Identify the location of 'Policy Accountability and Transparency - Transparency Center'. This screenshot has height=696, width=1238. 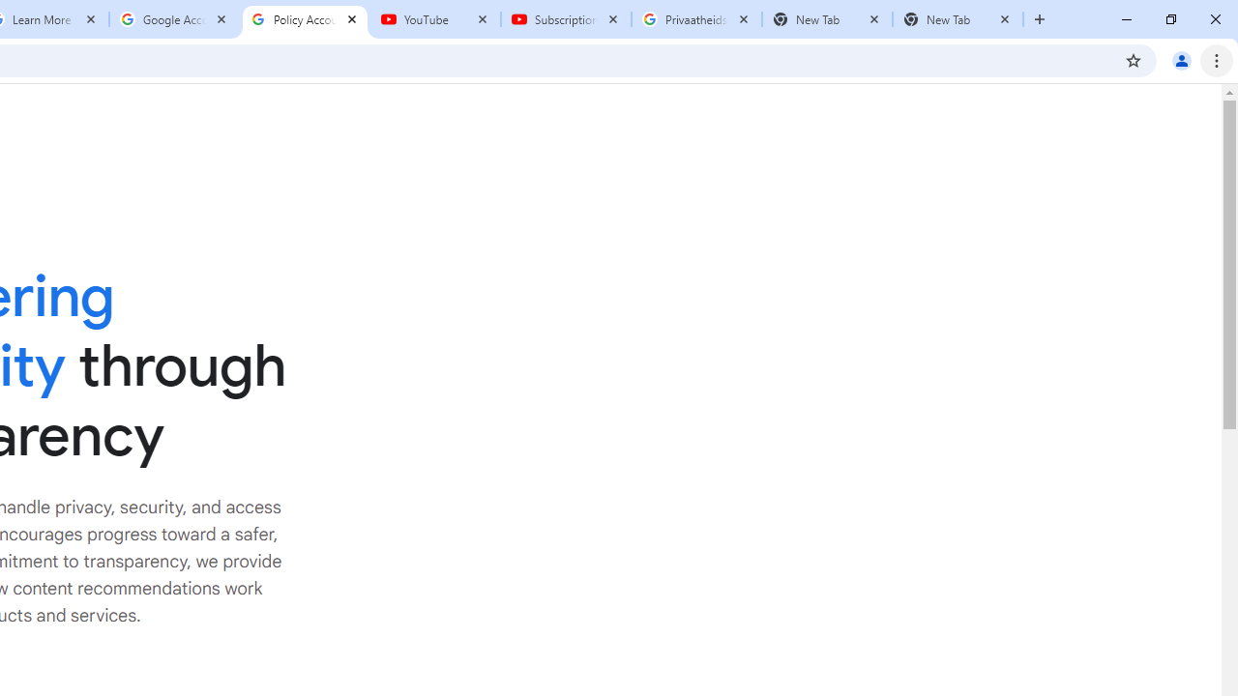
(304, 19).